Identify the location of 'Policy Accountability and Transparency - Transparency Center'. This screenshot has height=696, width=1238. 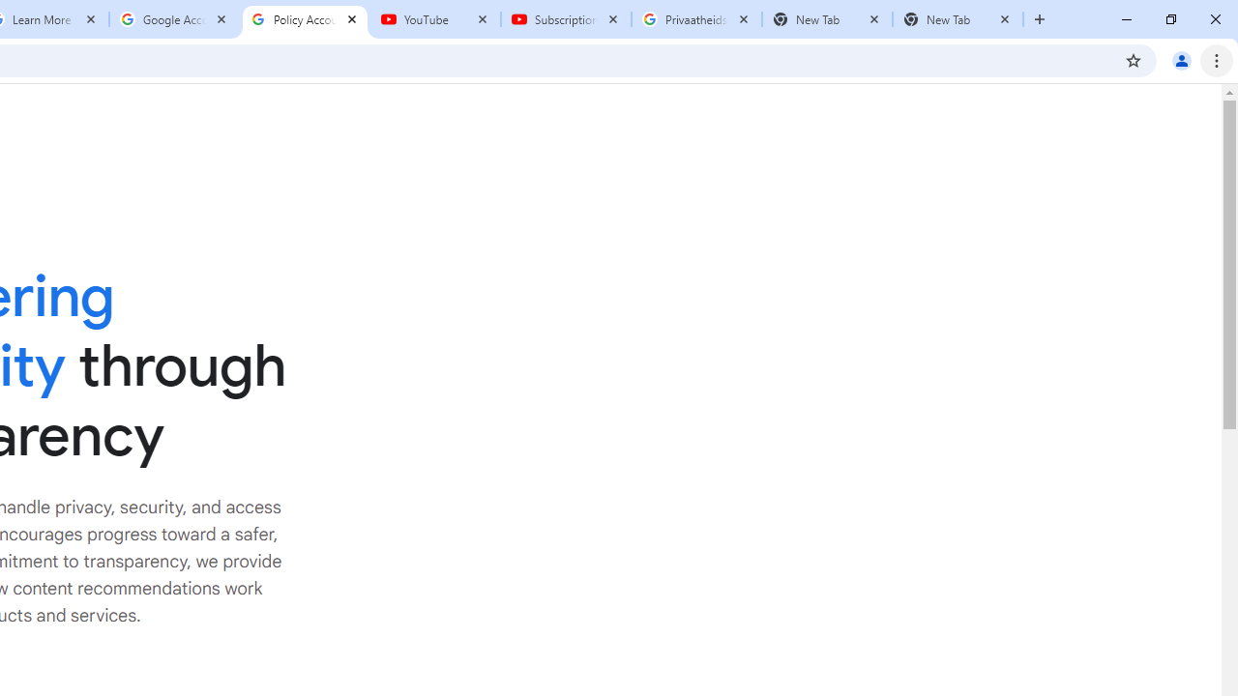
(304, 19).